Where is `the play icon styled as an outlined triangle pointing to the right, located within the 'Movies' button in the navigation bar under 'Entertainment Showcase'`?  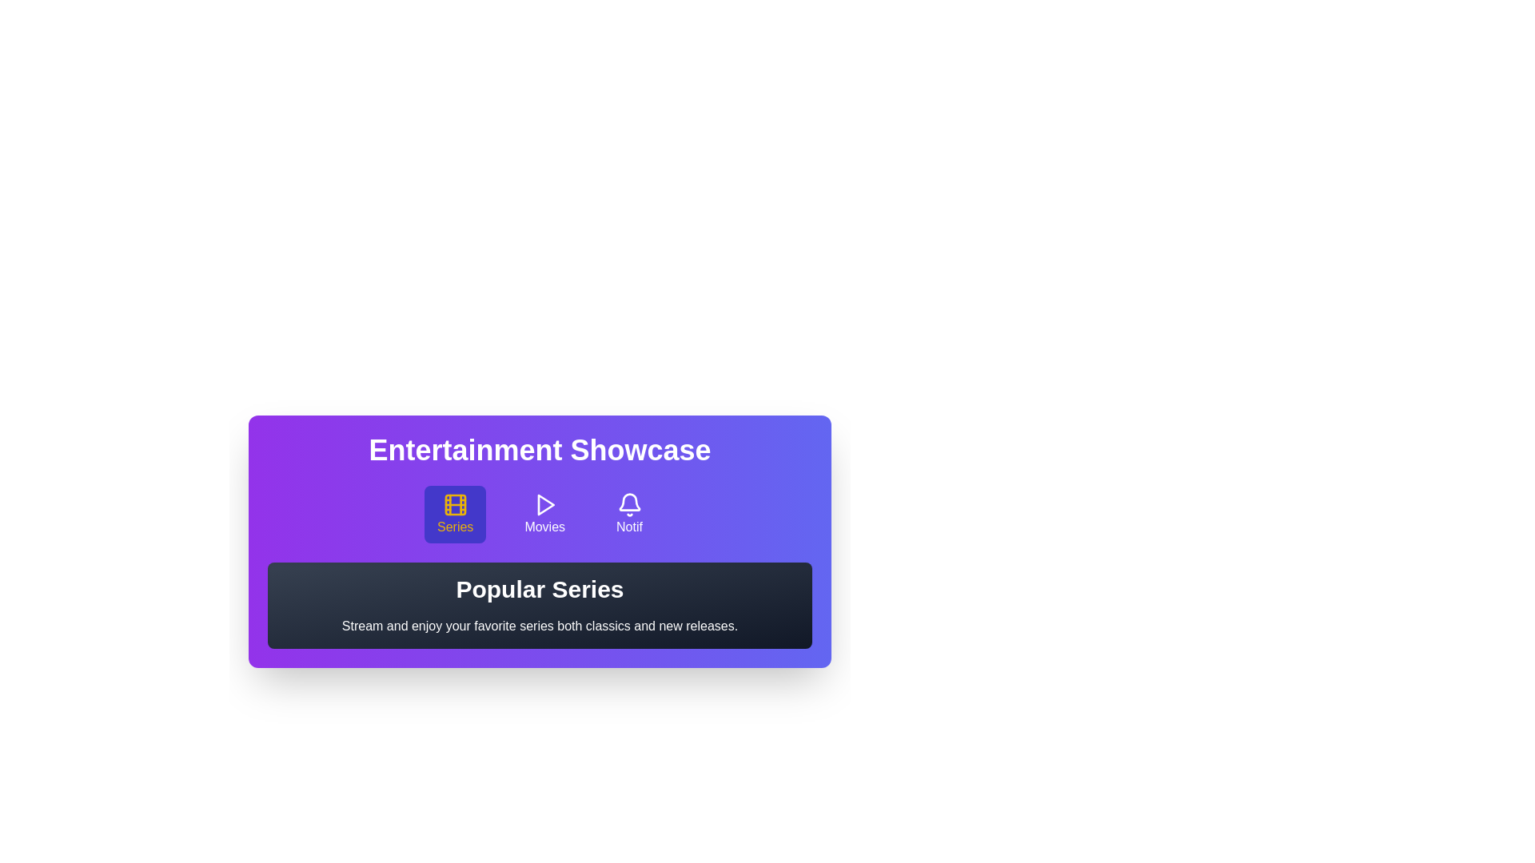 the play icon styled as an outlined triangle pointing to the right, located within the 'Movies' button in the navigation bar under 'Entertainment Showcase' is located at coordinates (544, 505).